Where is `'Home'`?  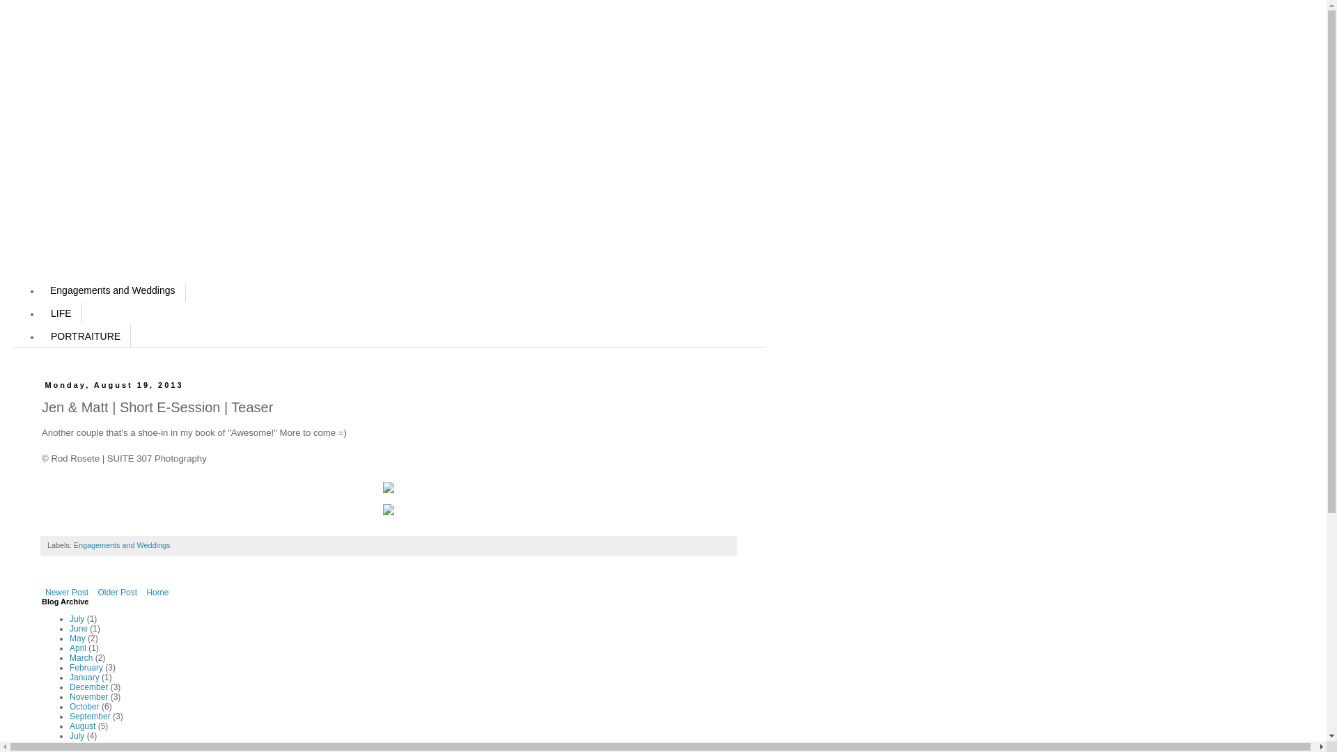
'Home' is located at coordinates (143, 593).